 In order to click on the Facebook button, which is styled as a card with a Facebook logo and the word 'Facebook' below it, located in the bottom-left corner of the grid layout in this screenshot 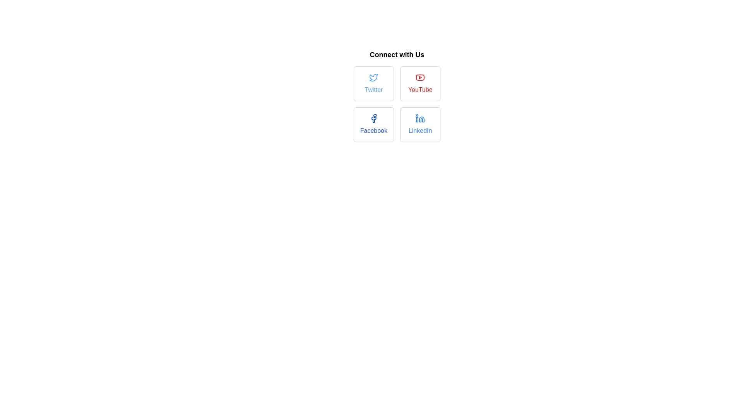, I will do `click(373, 124)`.